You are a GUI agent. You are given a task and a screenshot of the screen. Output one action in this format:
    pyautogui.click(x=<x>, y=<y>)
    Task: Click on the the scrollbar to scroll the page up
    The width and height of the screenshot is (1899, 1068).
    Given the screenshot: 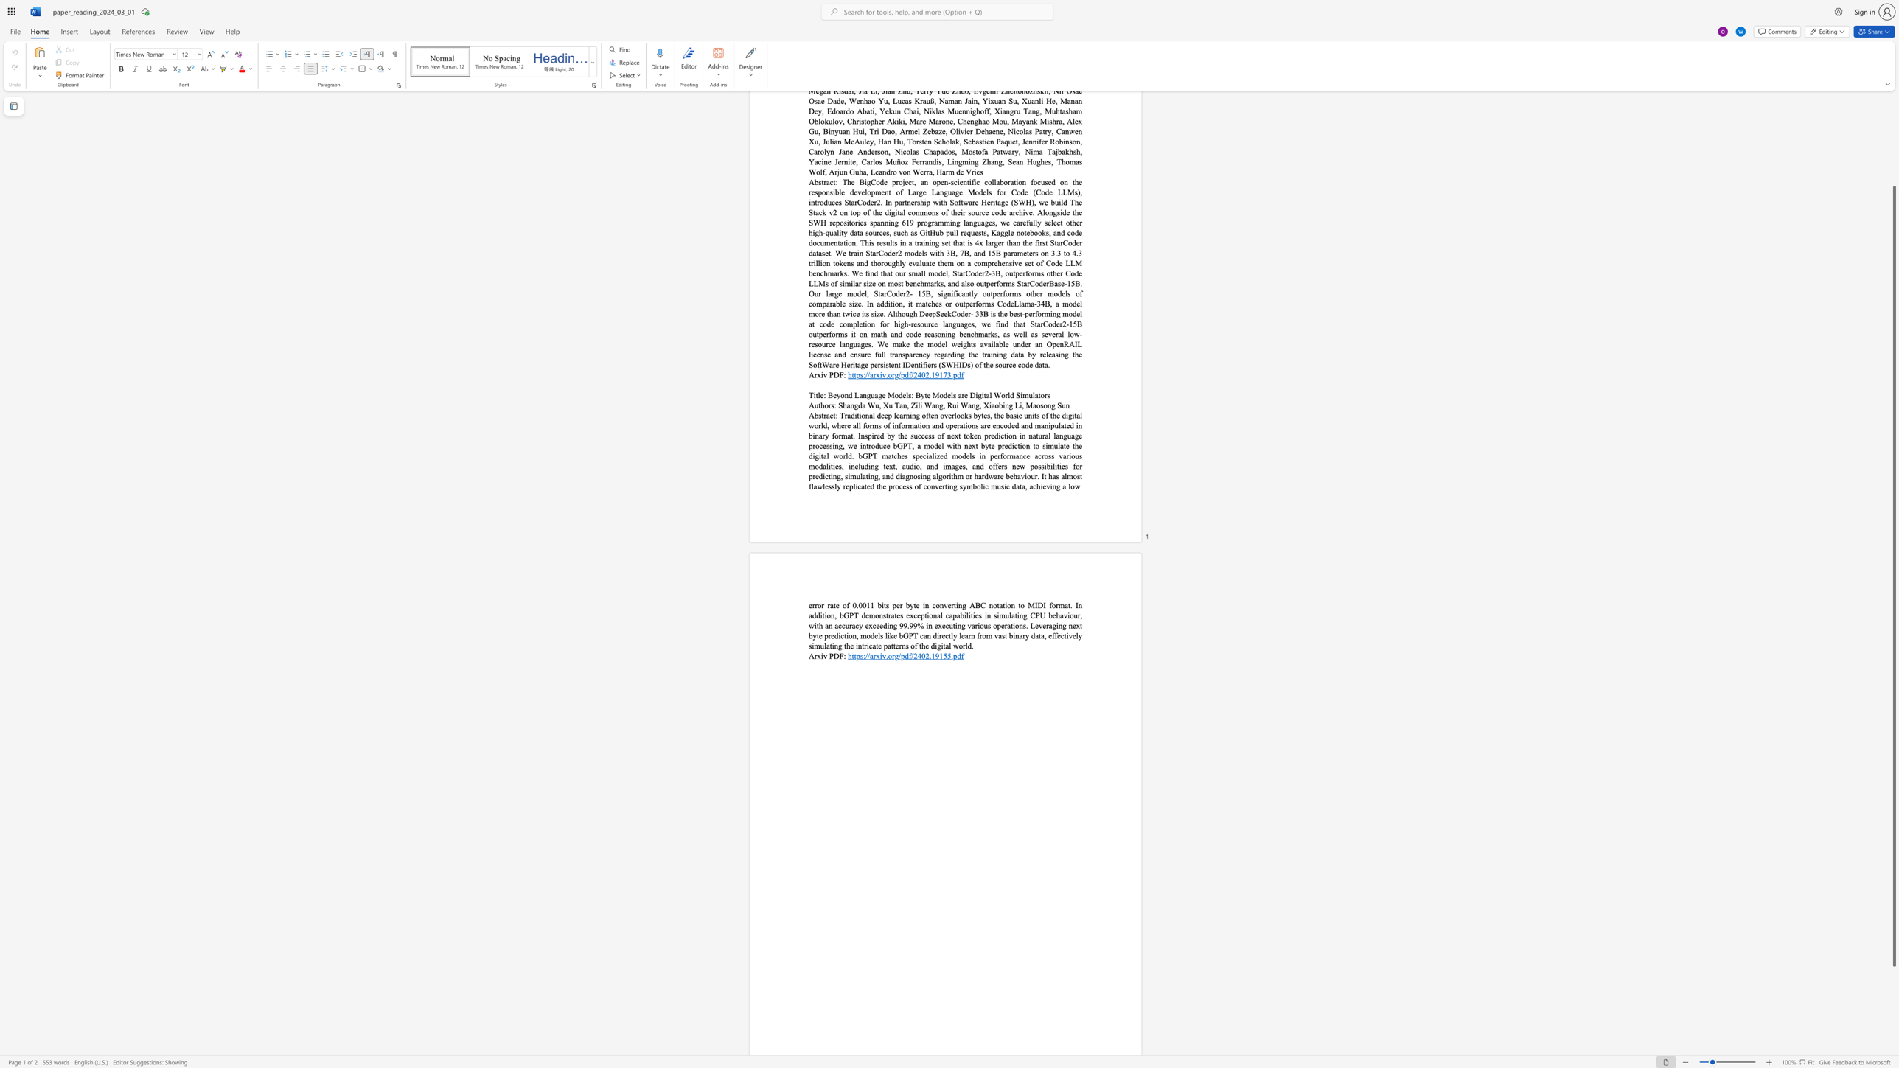 What is the action you would take?
    pyautogui.click(x=1893, y=142)
    